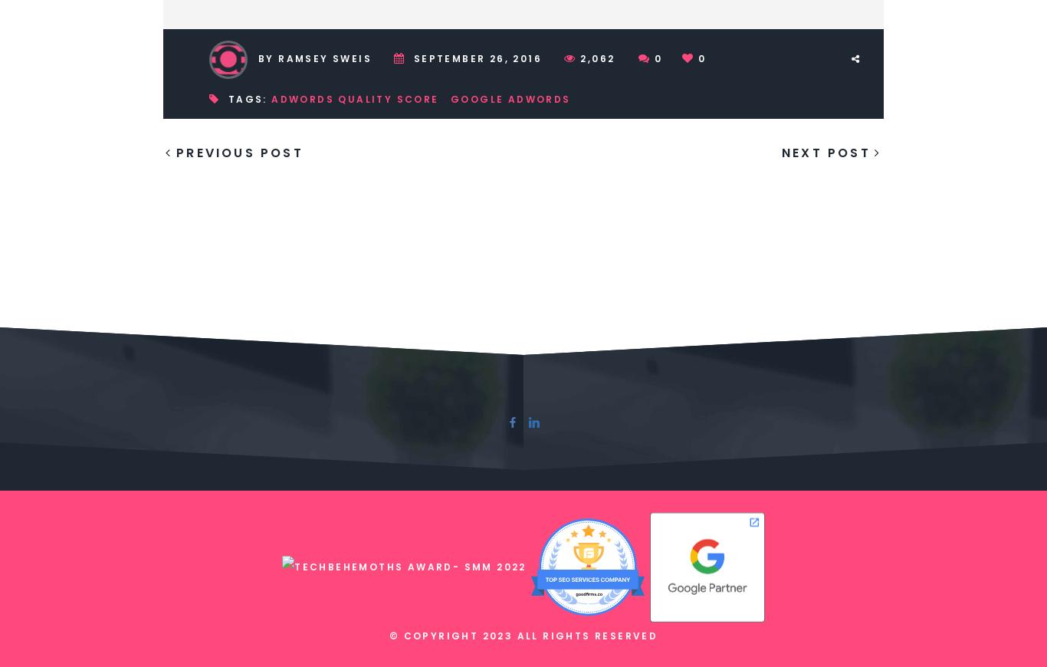 This screenshot has height=667, width=1047. I want to click on 'by Ramsey Sweis', so click(314, 58).